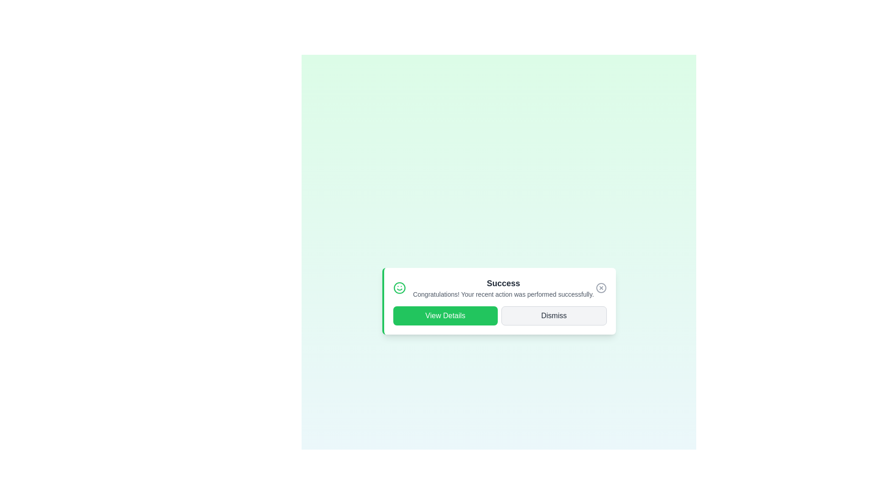  What do you see at coordinates (553, 315) in the screenshot?
I see `the 'Dismiss' button to close the alert` at bounding box center [553, 315].